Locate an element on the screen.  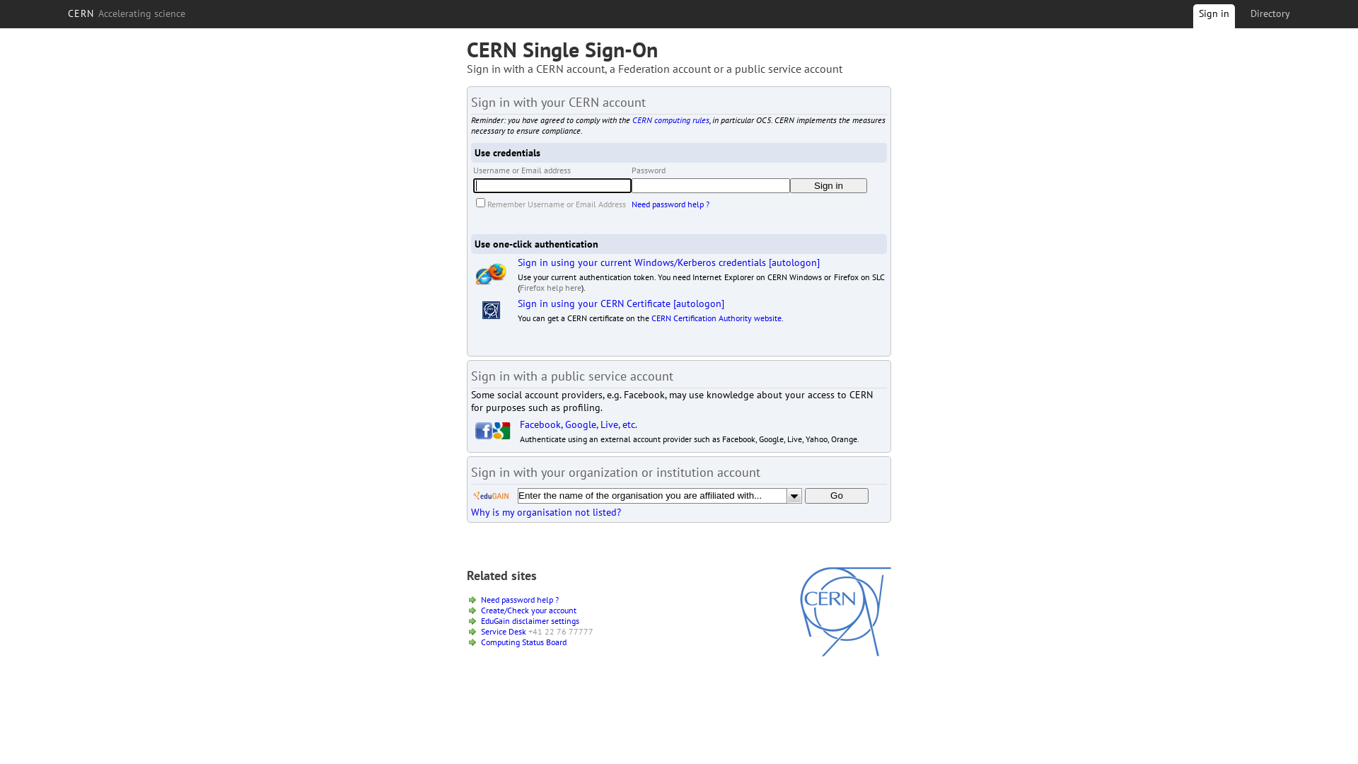
'[autologon]' is located at coordinates (794, 262).